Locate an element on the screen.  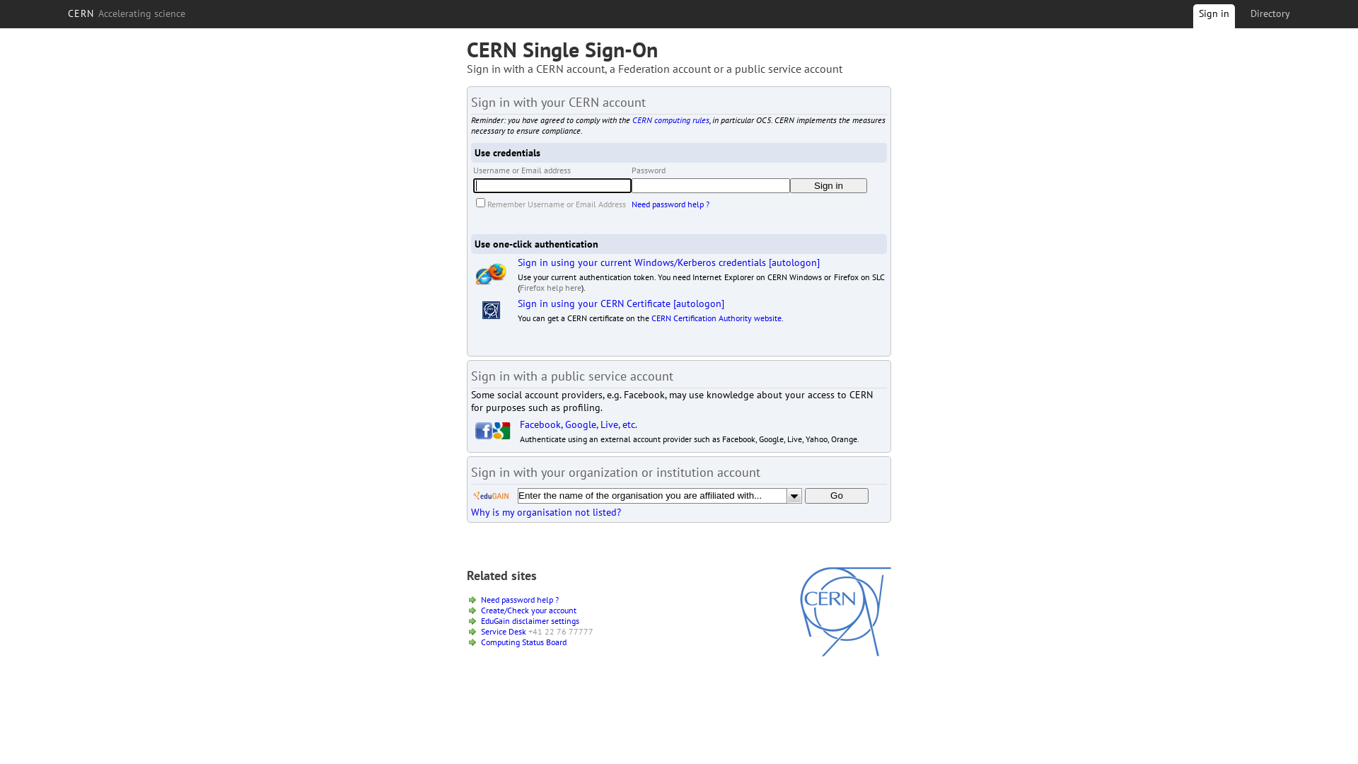
'[autologon]' is located at coordinates (794, 262).